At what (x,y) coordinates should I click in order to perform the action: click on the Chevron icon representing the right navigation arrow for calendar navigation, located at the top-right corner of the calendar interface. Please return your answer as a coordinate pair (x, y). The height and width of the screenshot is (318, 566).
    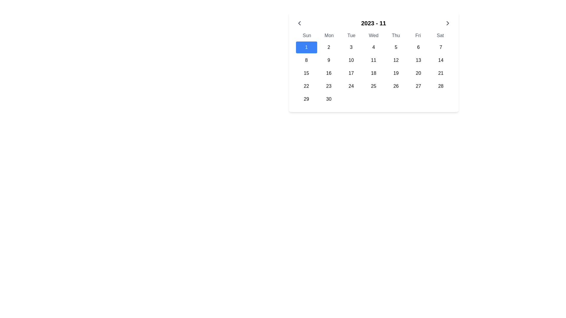
    Looking at the image, I should click on (448, 23).